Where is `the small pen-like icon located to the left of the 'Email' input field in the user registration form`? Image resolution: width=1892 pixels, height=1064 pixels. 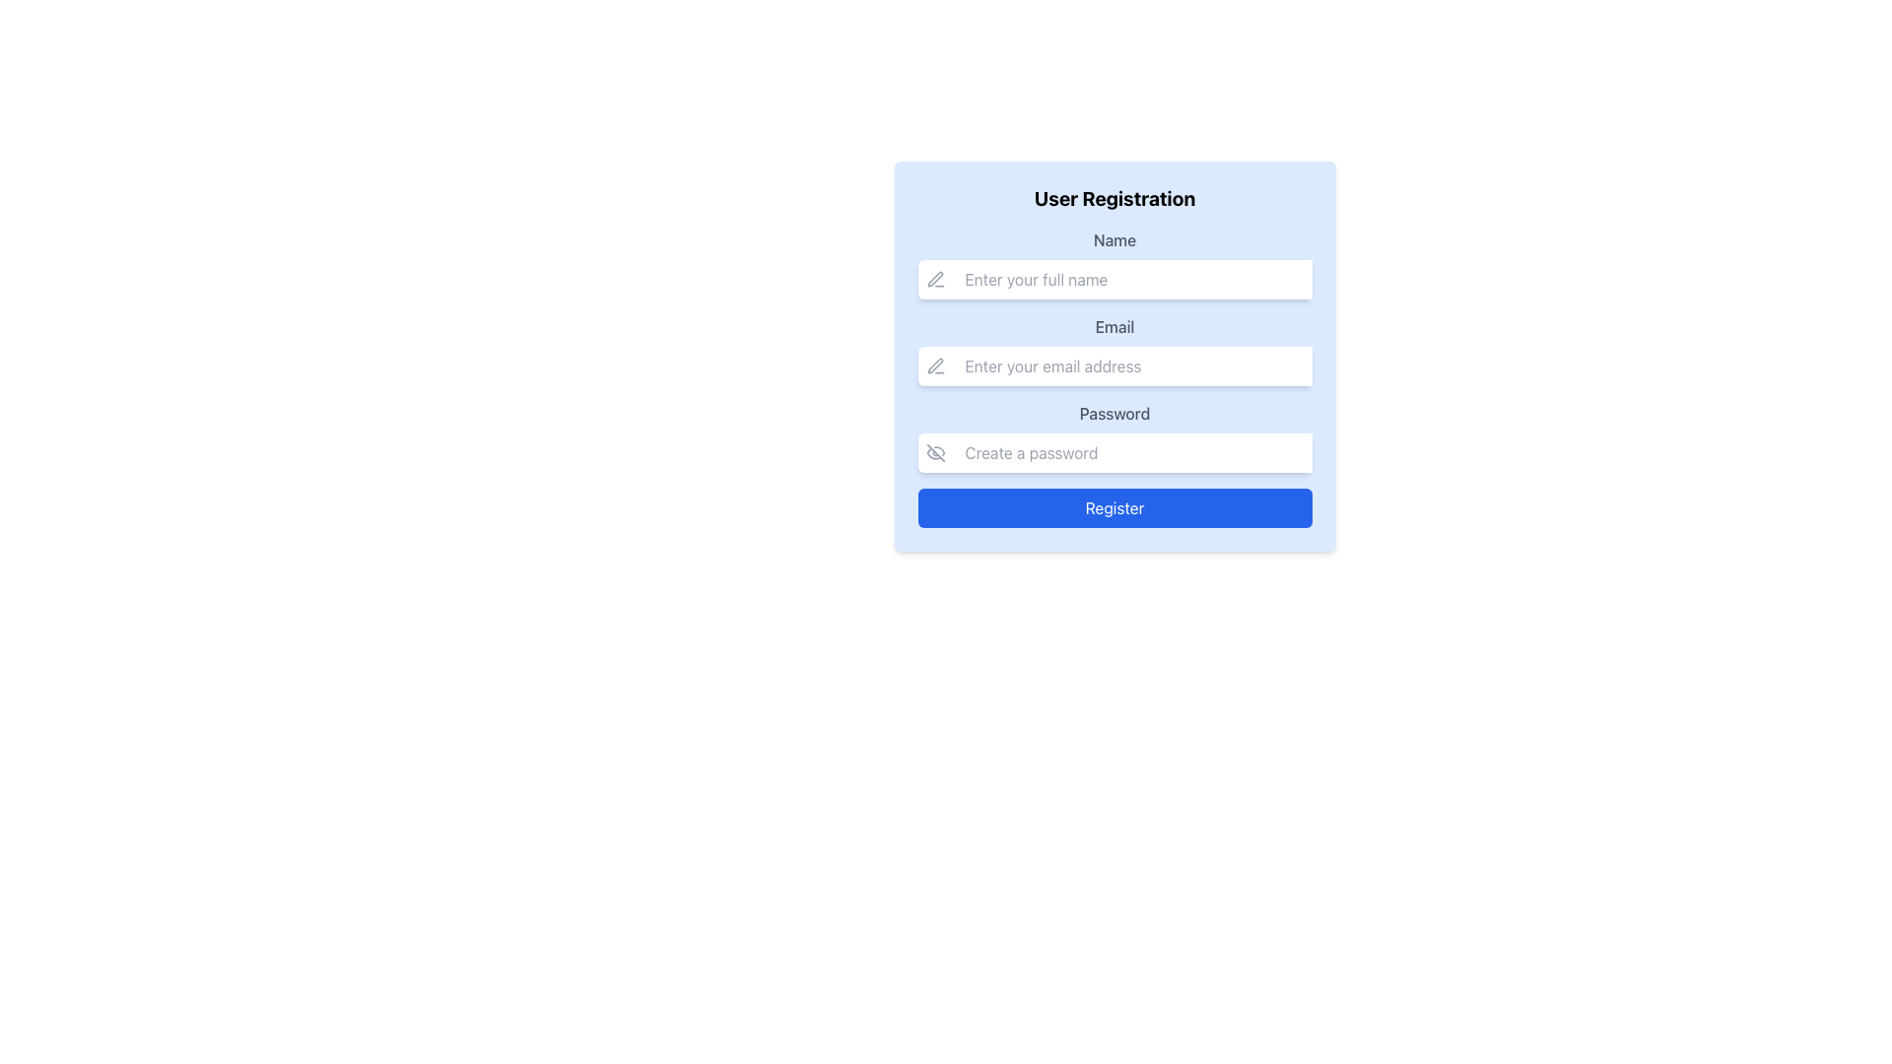
the small pen-like icon located to the left of the 'Email' input field in the user registration form is located at coordinates (934, 366).